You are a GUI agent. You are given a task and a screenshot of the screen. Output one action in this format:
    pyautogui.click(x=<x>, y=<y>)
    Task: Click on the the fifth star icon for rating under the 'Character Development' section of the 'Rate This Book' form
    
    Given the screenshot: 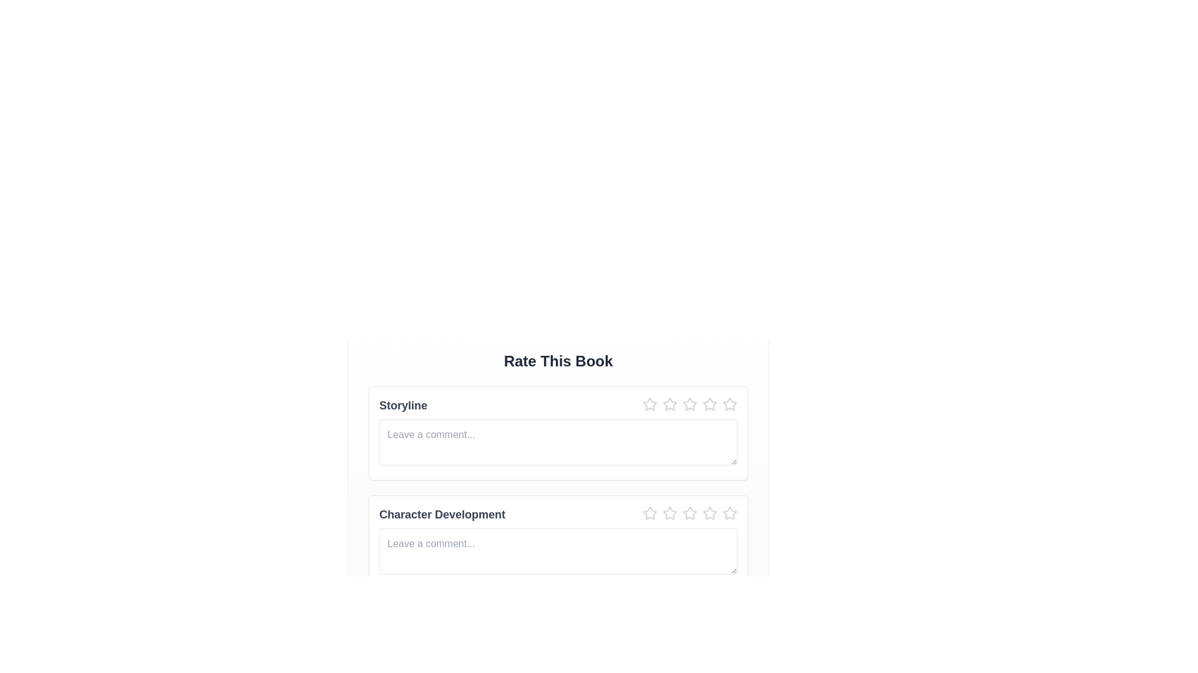 What is the action you would take?
    pyautogui.click(x=689, y=513)
    